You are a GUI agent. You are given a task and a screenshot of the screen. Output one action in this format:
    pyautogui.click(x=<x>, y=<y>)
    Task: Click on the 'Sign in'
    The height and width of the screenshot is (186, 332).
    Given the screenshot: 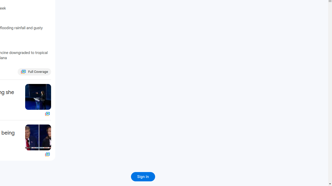 What is the action you would take?
    pyautogui.click(x=143, y=176)
    